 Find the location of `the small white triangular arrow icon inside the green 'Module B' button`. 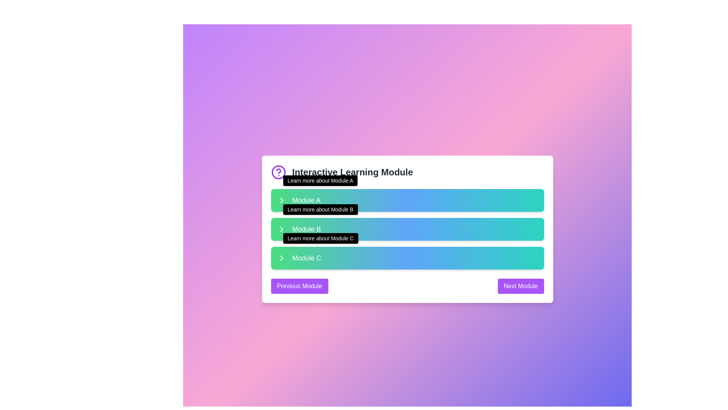

the small white triangular arrow icon inside the green 'Module B' button is located at coordinates (281, 257).